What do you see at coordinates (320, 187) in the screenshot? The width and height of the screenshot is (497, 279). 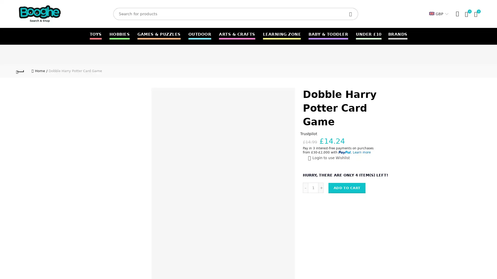 I see `+` at bounding box center [320, 187].